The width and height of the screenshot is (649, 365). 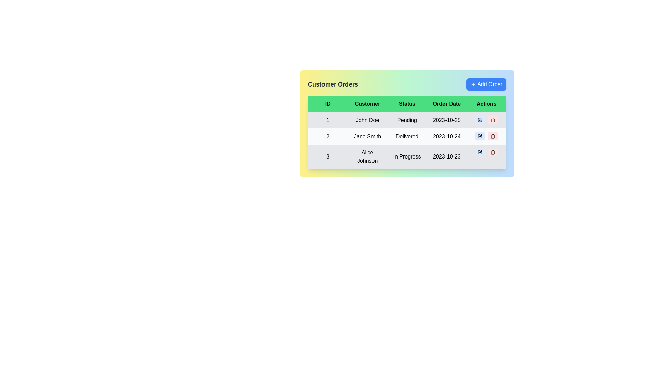 I want to click on the edit button in the 'Actions' column of the second row in the 'Customer Orders' table to initiate the edit action, so click(x=480, y=136).